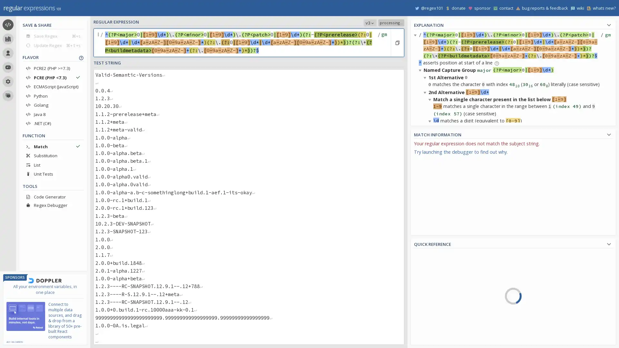 The image size is (619, 348). I want to click on Collapse Subtree, so click(426, 253).